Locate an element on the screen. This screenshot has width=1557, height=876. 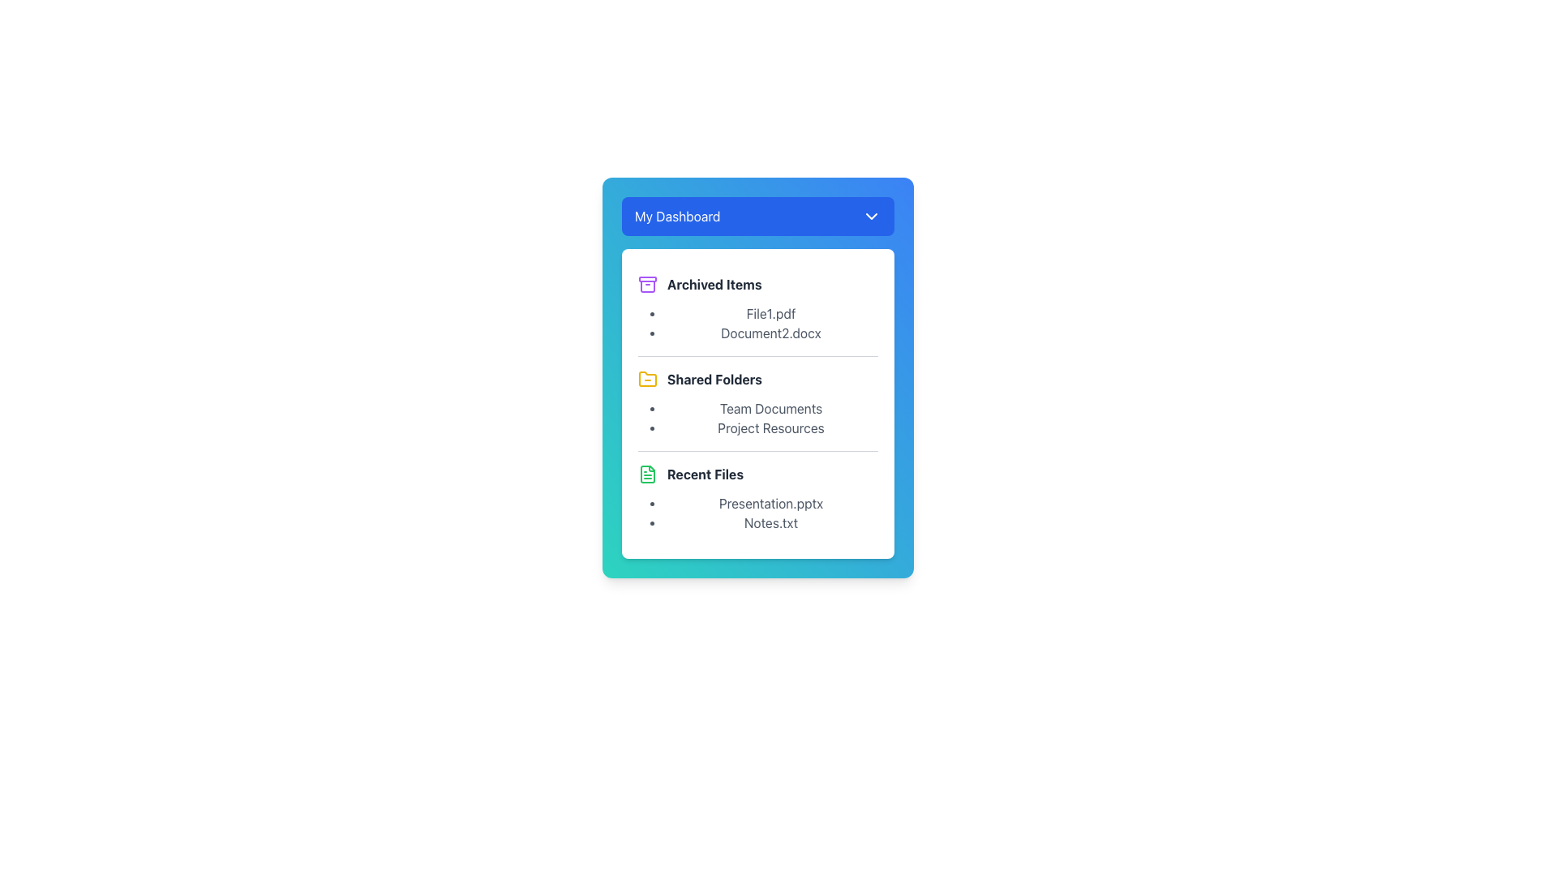
the 'Shared Folders' text label, which is positioned near the top center of the 'My Dashboard' panel, to the right of a yellow folder icon is located at coordinates (714, 379).